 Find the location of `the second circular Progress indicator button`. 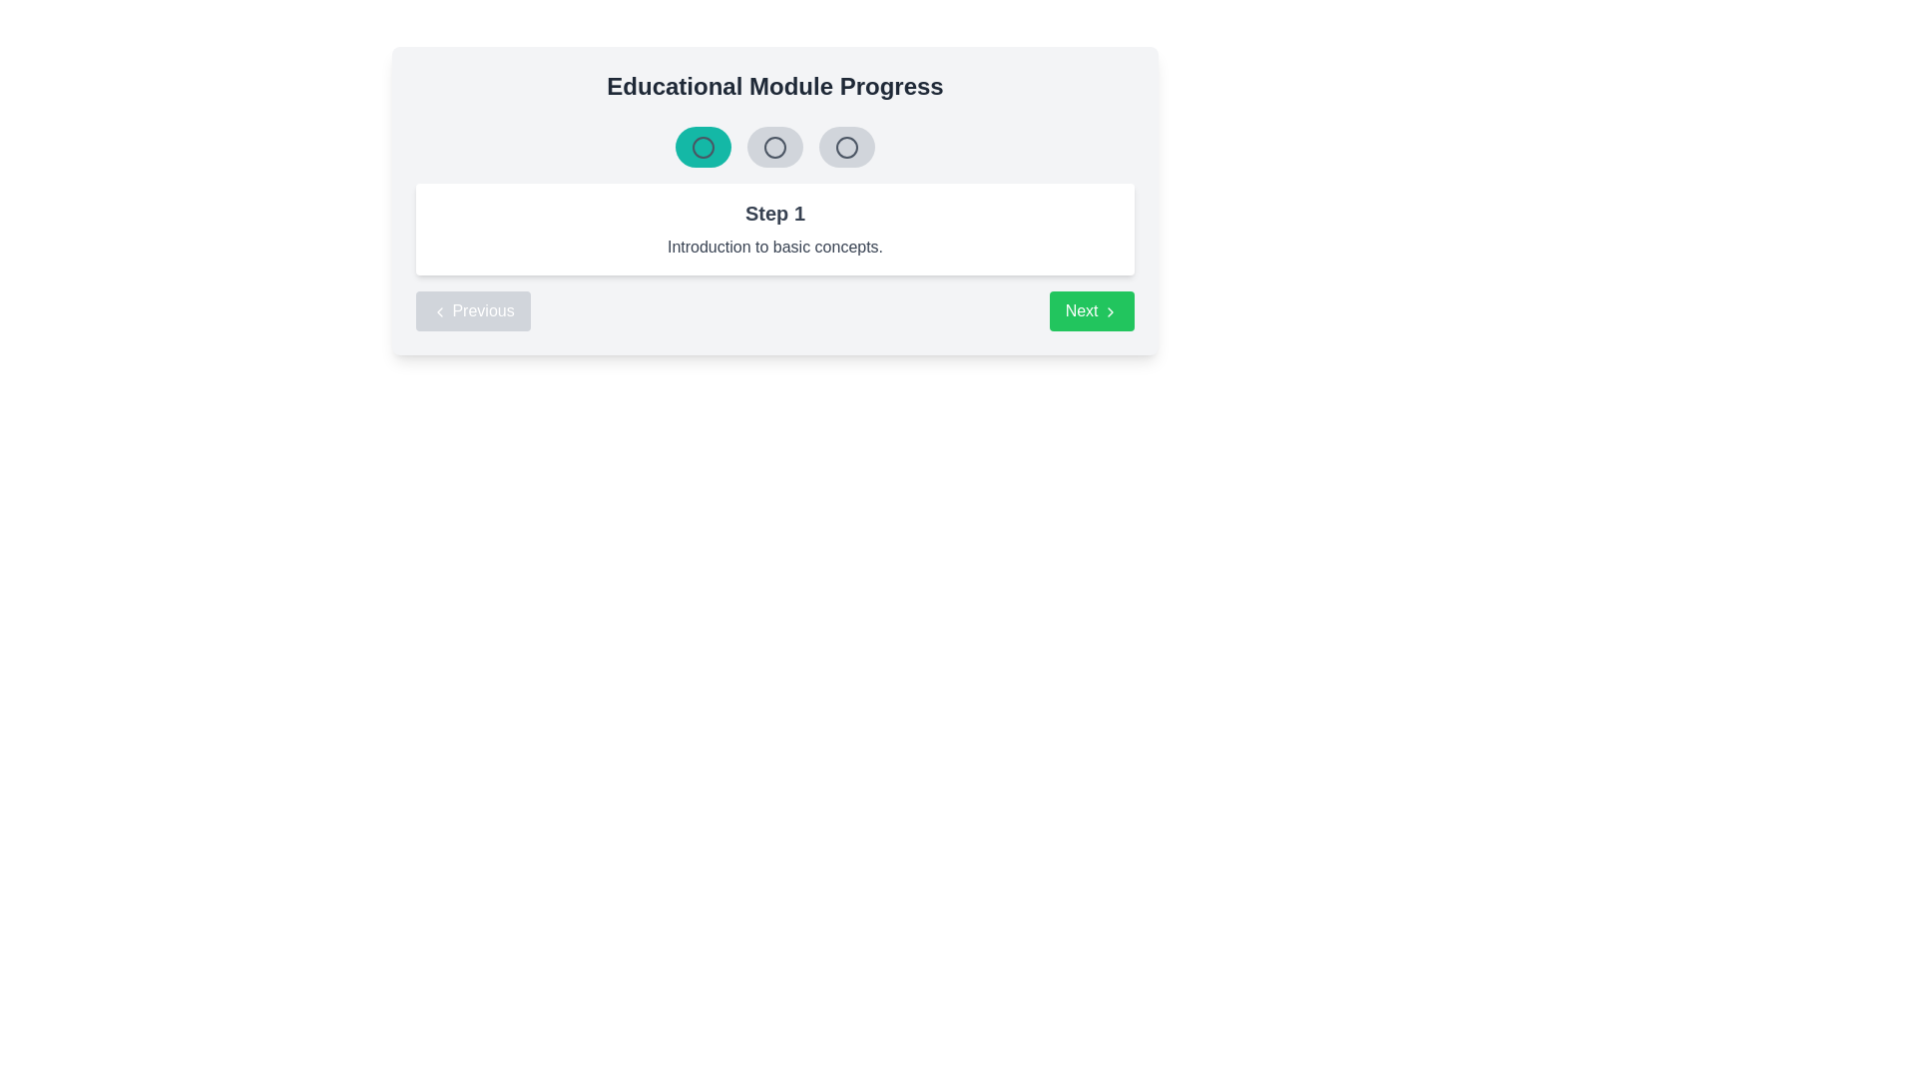

the second circular Progress indicator button is located at coordinates (774, 145).